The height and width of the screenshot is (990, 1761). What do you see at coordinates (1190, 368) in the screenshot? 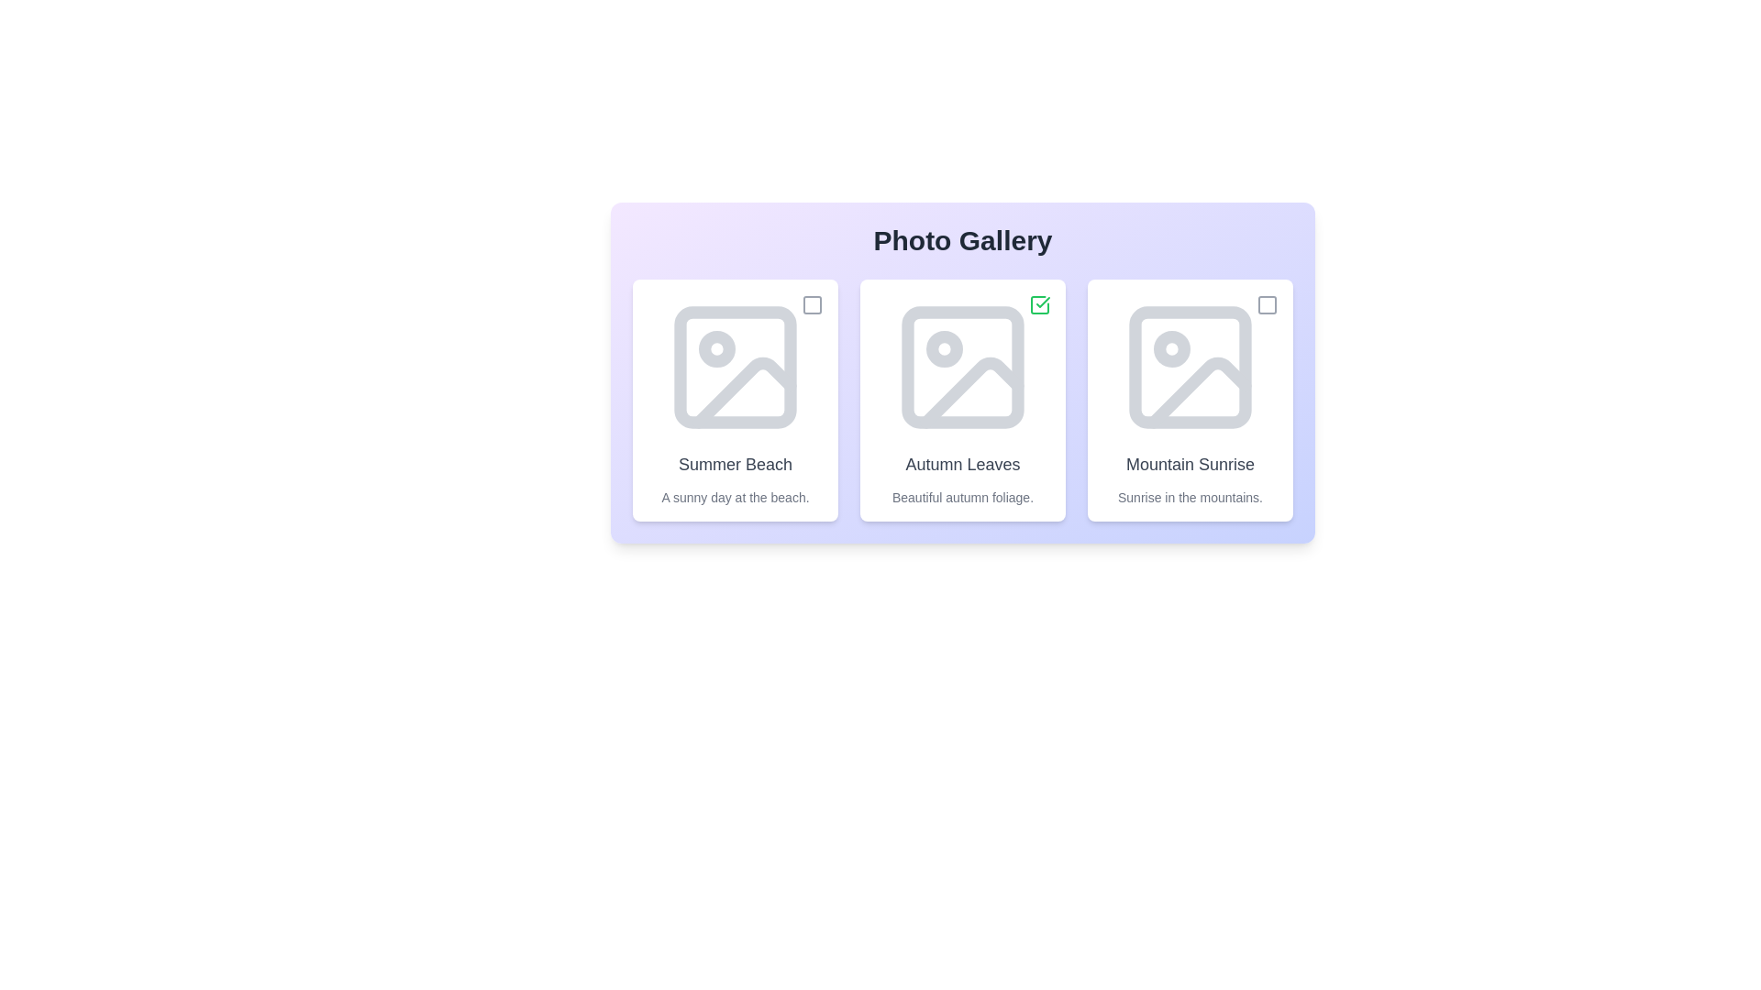
I see `the placeholder image of the photo labeled Mountain Sunrise` at bounding box center [1190, 368].